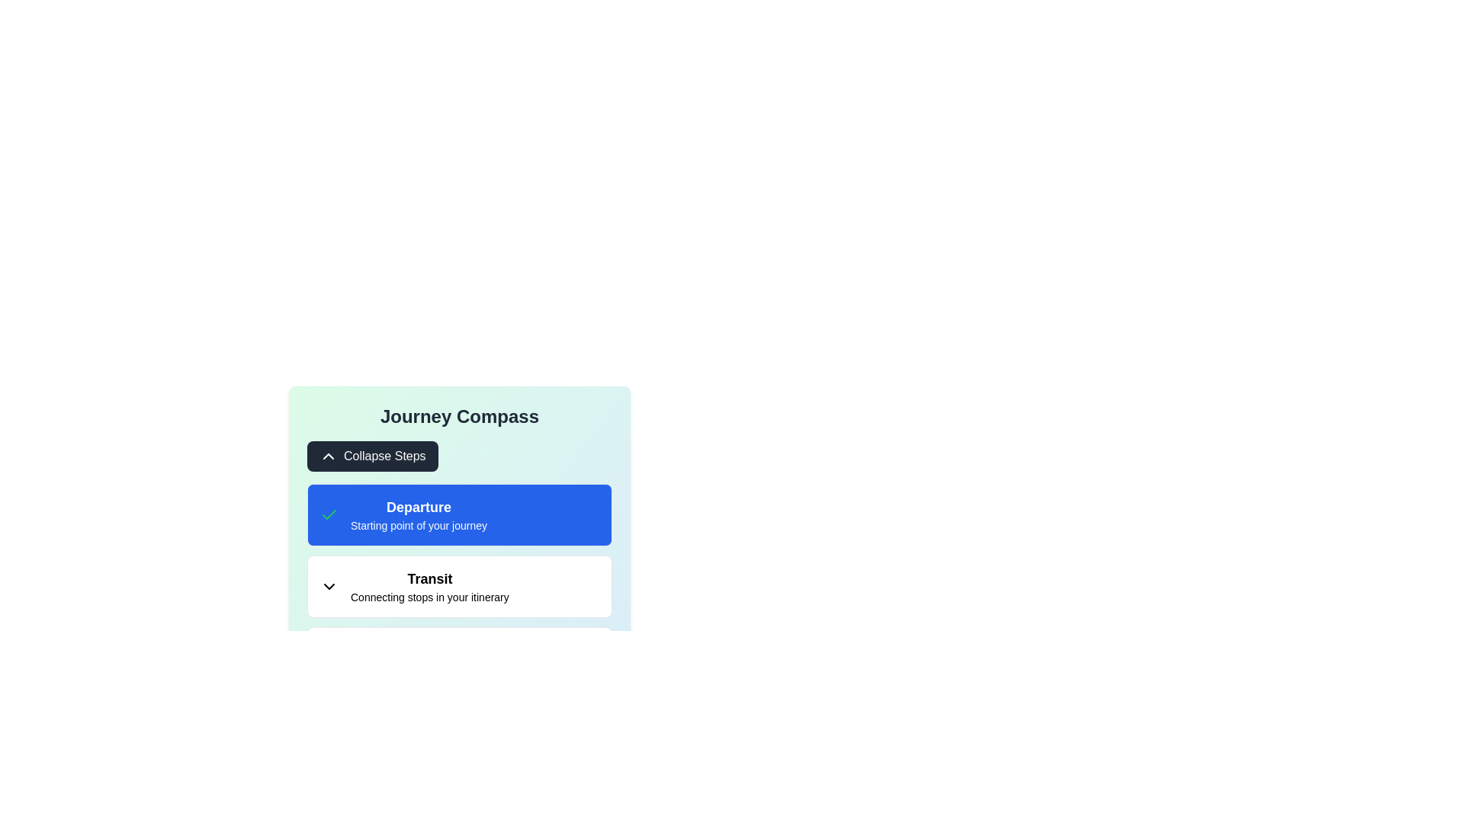  I want to click on the downward-pointing chevron icon with a black outline located on the left side of the 'Transit' label within a white card interface for possible tooltip display, so click(329, 586).